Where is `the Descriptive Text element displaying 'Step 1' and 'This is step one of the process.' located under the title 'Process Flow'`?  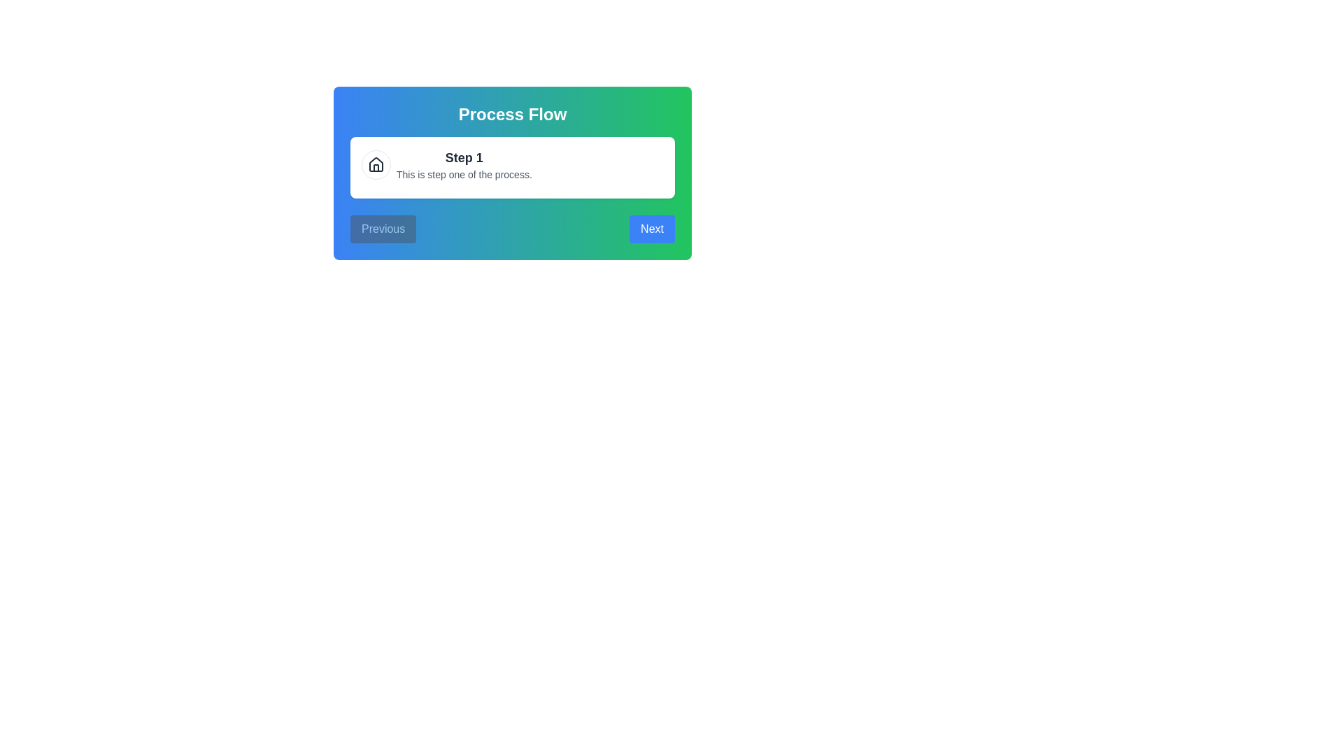 the Descriptive Text element displaying 'Step 1' and 'This is step one of the process.' located under the title 'Process Flow' is located at coordinates (464, 164).